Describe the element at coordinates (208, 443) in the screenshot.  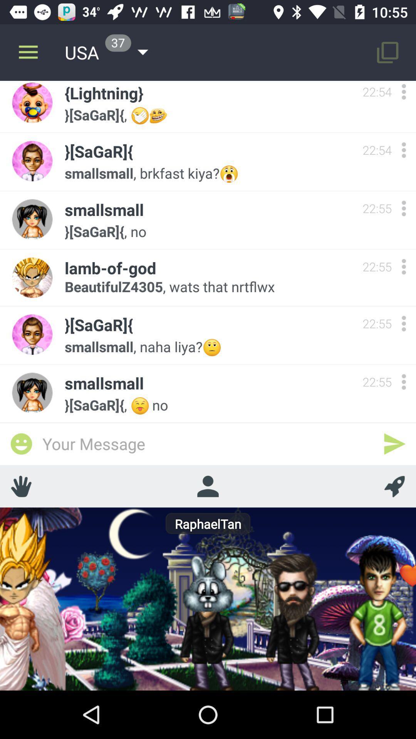
I see `to enter your message` at that location.